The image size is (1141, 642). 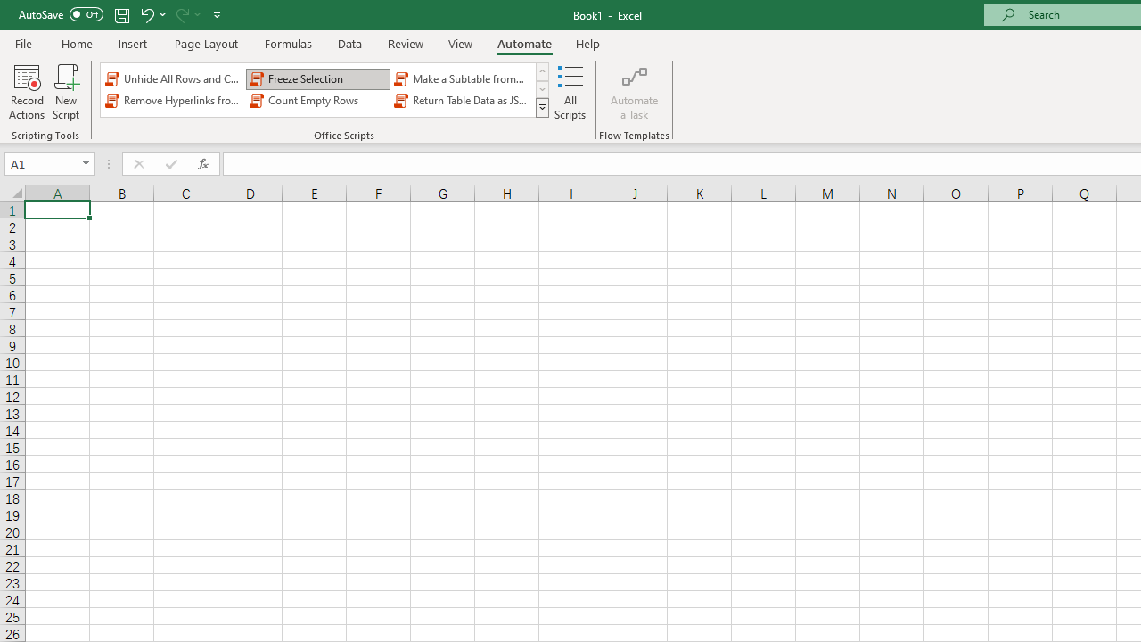 What do you see at coordinates (570, 92) in the screenshot?
I see `'All Scripts'` at bounding box center [570, 92].